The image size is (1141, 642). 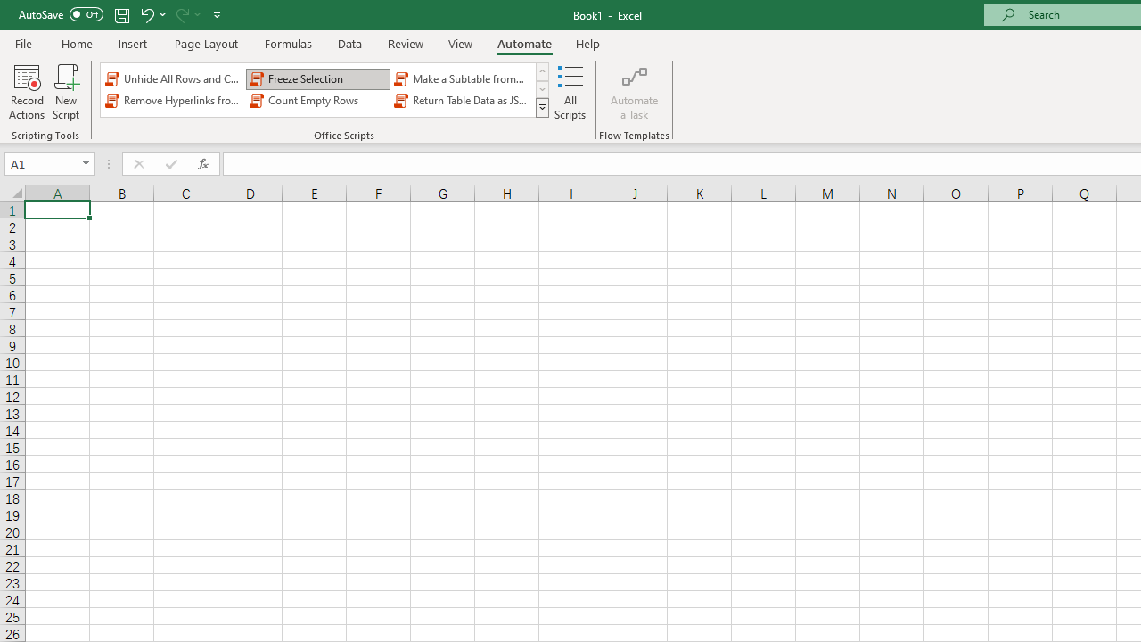 What do you see at coordinates (570, 92) in the screenshot?
I see `'All Scripts'` at bounding box center [570, 92].